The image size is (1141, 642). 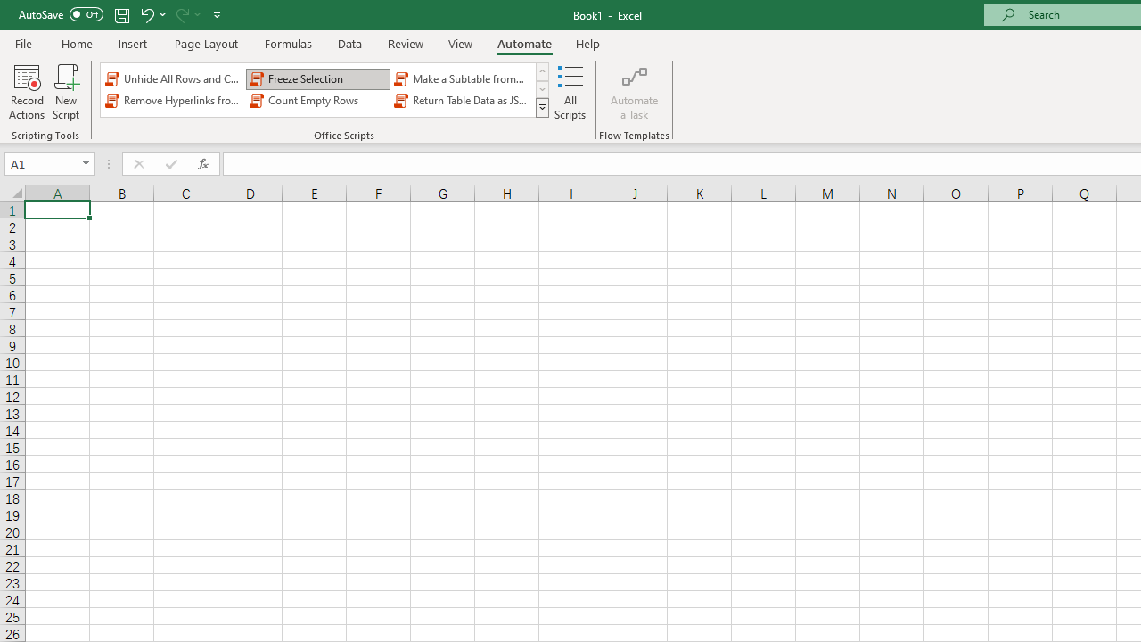 What do you see at coordinates (570, 92) in the screenshot?
I see `'All Scripts'` at bounding box center [570, 92].